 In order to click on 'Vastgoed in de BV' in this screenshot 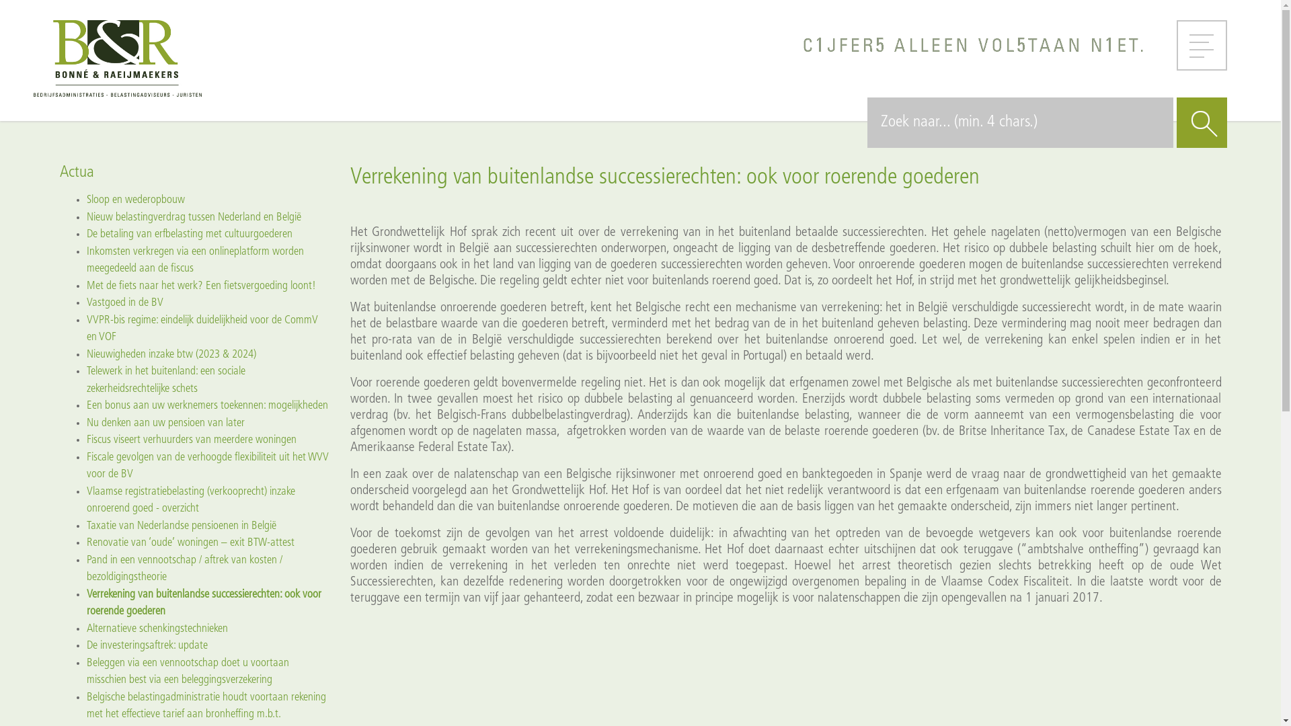, I will do `click(124, 302)`.